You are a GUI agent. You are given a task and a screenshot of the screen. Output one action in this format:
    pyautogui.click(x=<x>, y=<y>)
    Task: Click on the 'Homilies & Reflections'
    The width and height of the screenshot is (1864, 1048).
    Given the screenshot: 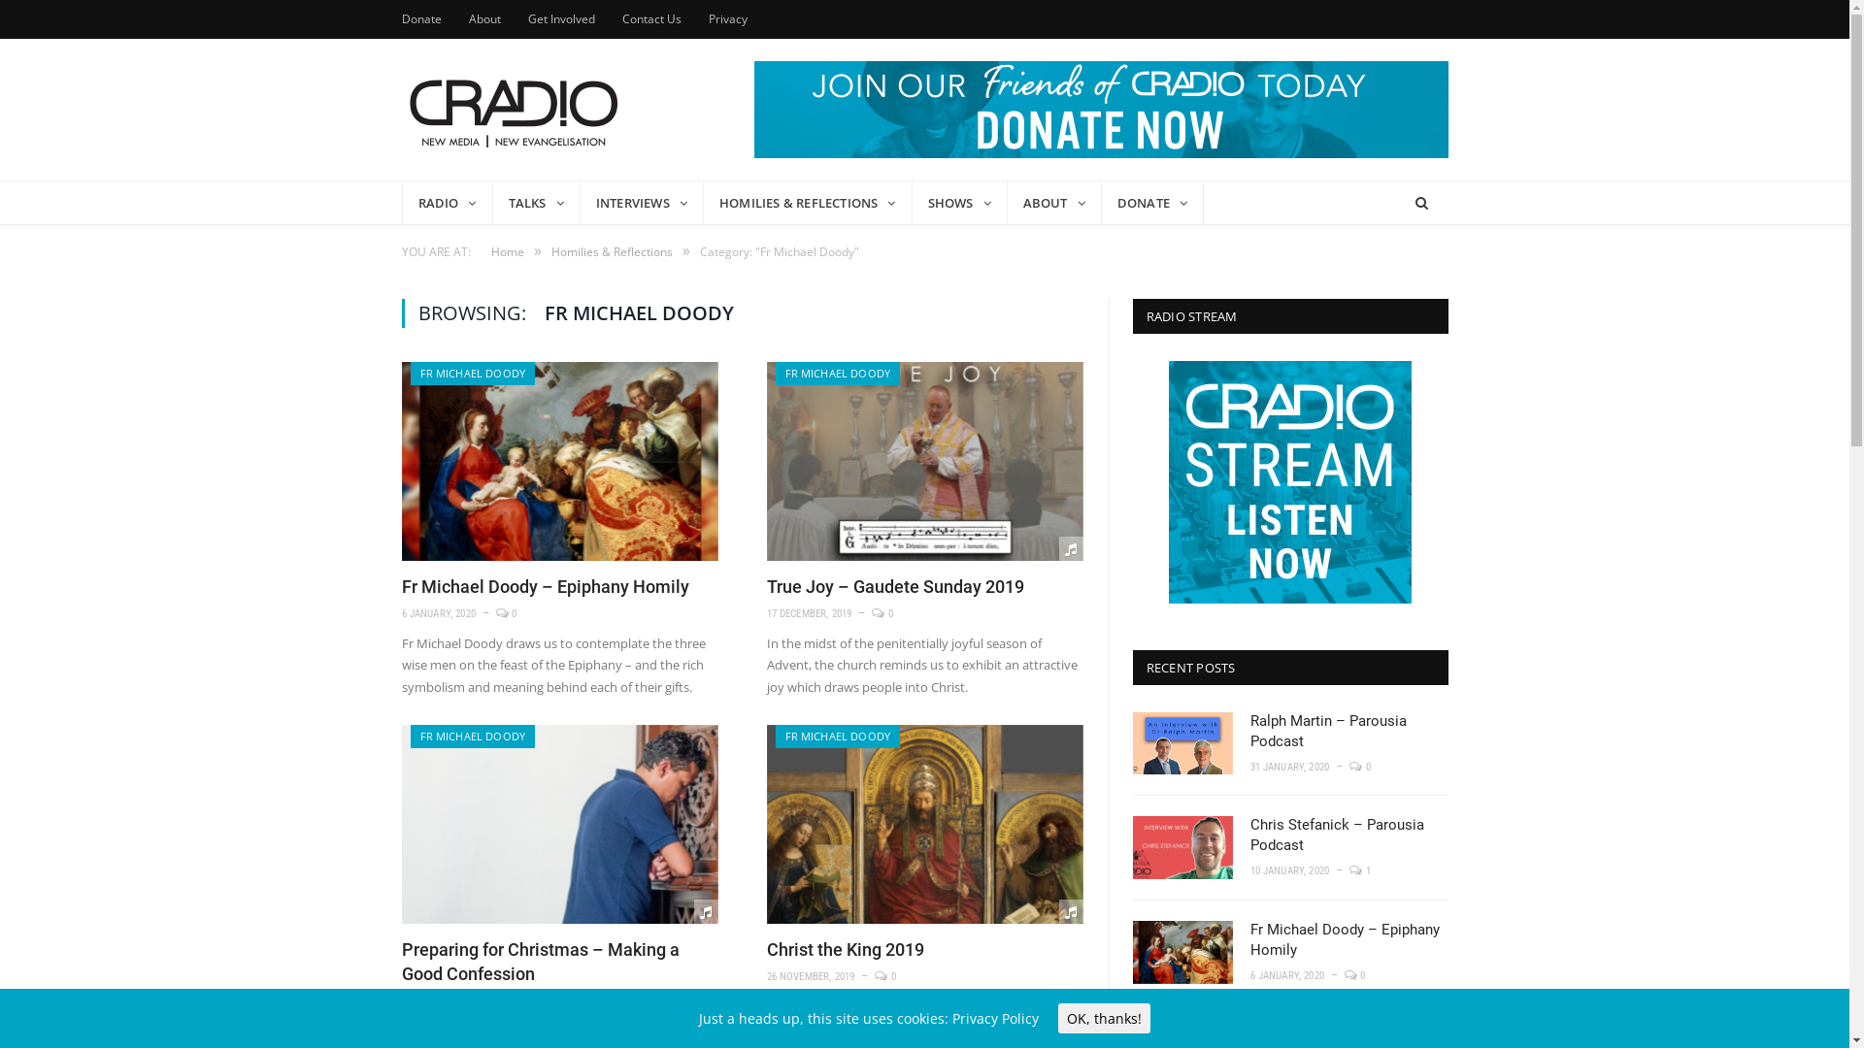 What is the action you would take?
    pyautogui.click(x=611, y=250)
    